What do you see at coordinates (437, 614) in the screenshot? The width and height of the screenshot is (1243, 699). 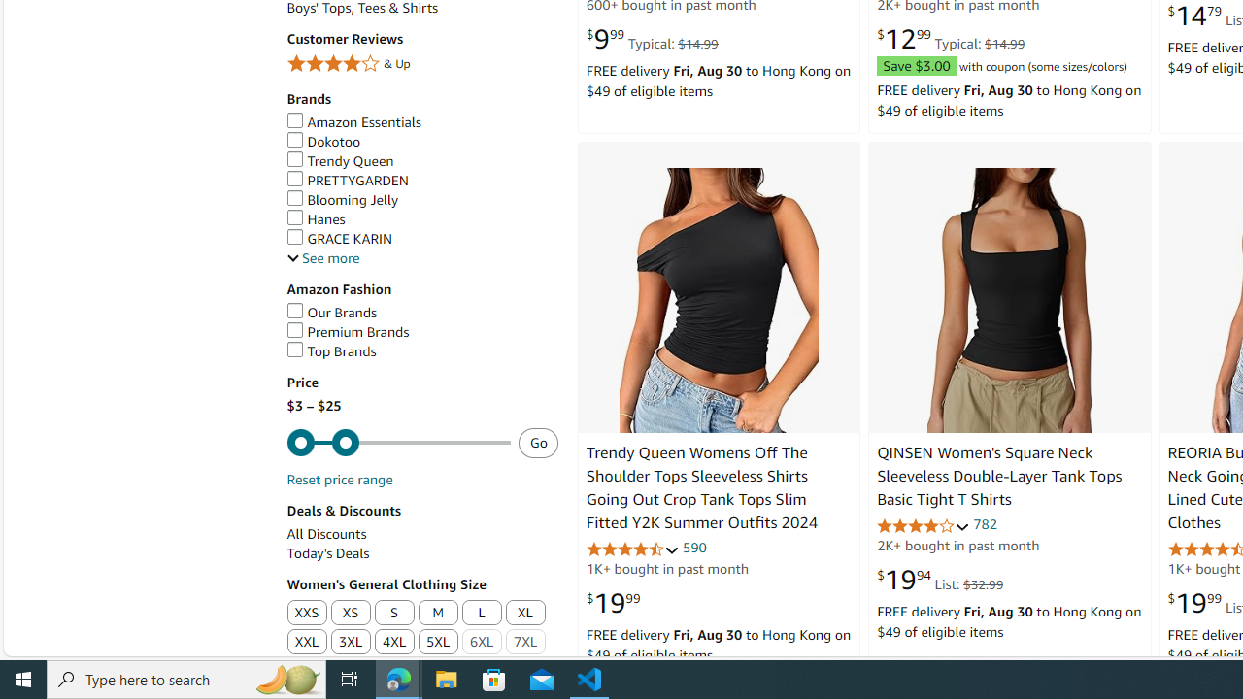 I see `'M'` at bounding box center [437, 614].